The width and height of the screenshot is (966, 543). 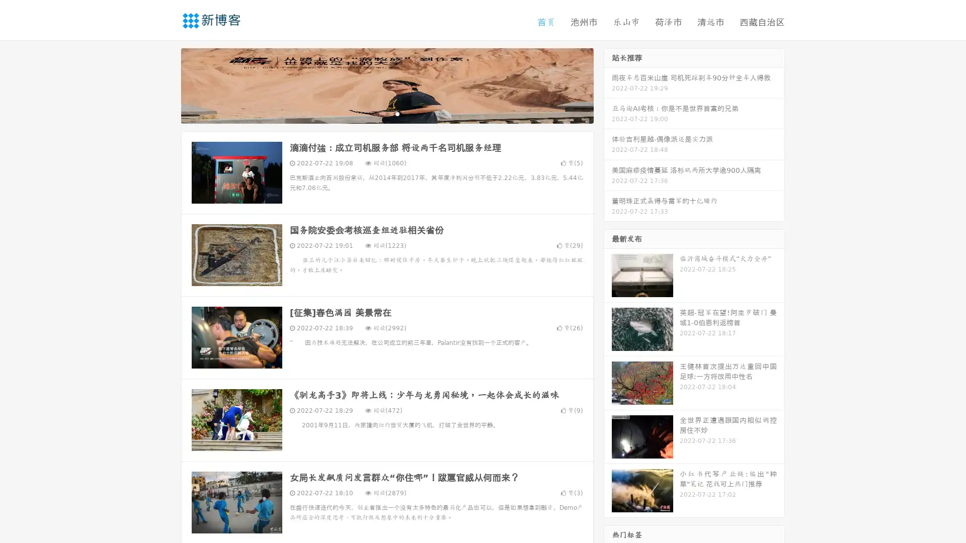 What do you see at coordinates (608, 84) in the screenshot?
I see `Next slide` at bounding box center [608, 84].